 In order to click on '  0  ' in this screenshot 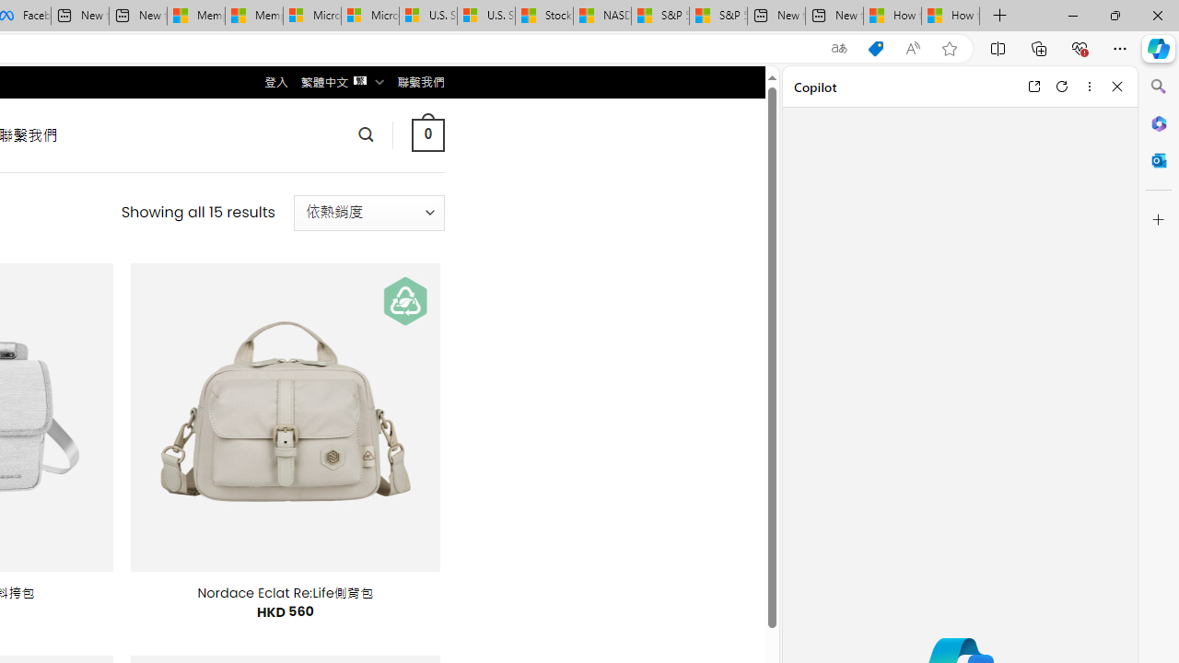, I will do `click(426, 134)`.